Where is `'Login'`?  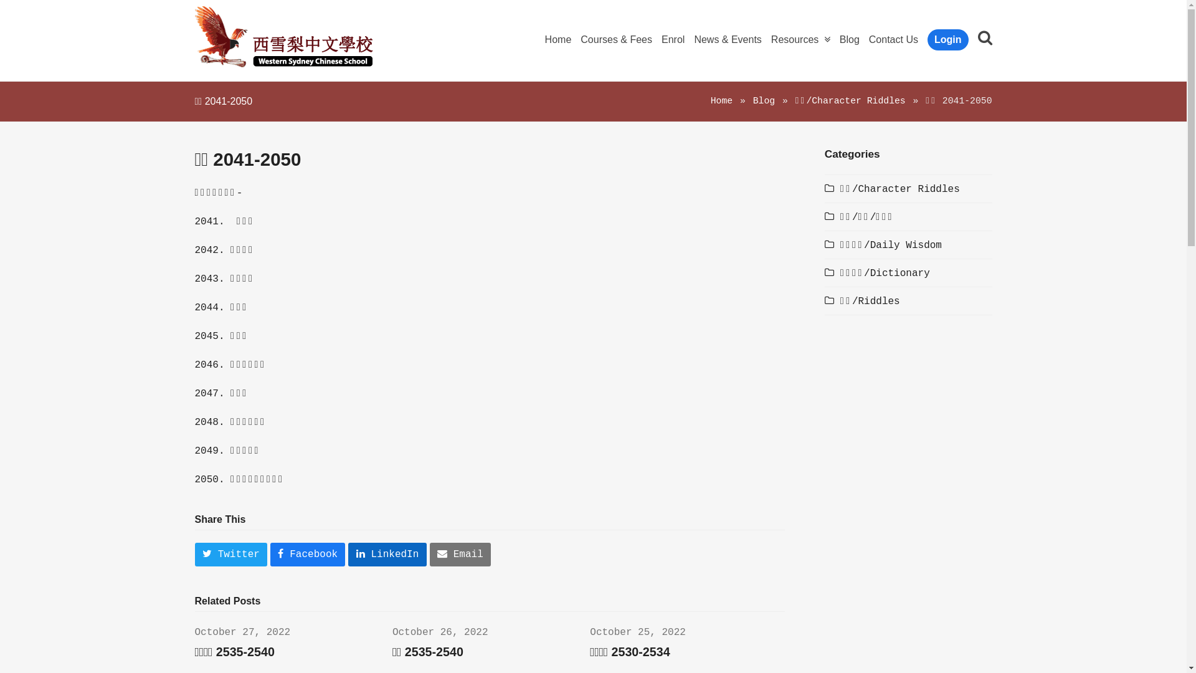 'Login' is located at coordinates (927, 40).